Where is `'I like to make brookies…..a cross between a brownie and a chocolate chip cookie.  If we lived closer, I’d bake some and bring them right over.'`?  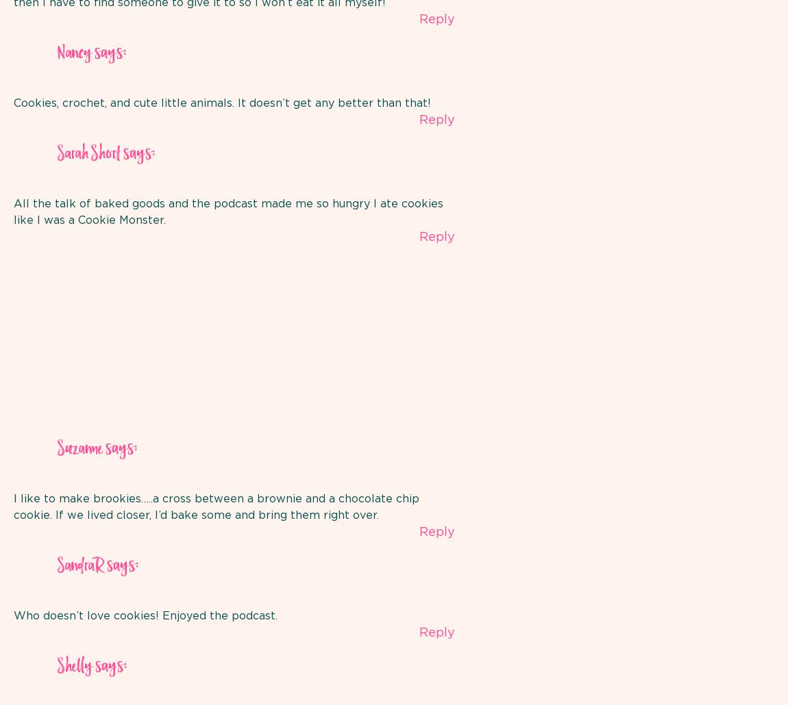 'I like to make brookies…..a cross between a brownie and a chocolate chip cookie.  If we lived closer, I’d bake some and bring them right over.' is located at coordinates (217, 506).